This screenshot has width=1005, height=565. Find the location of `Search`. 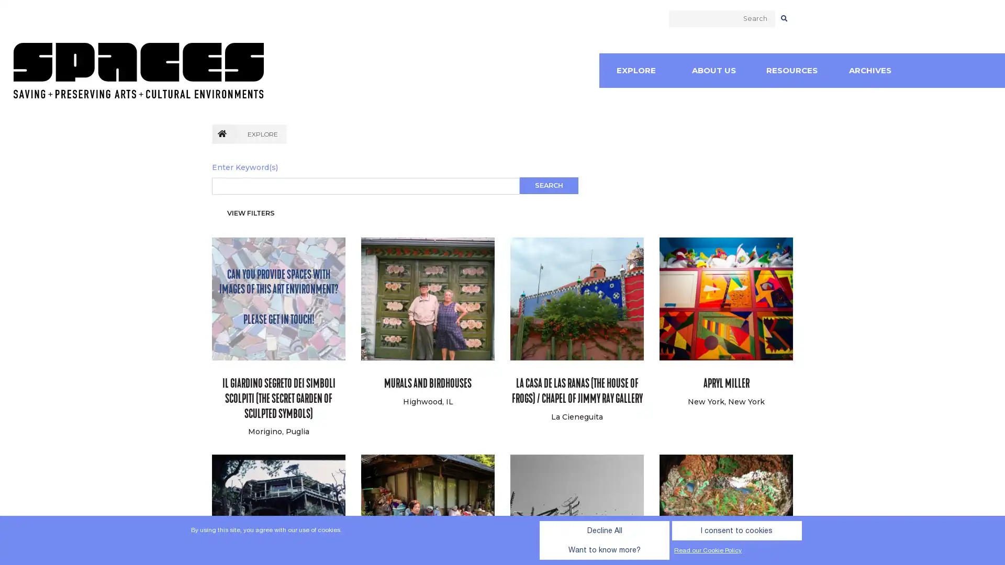

Search is located at coordinates (549, 185).